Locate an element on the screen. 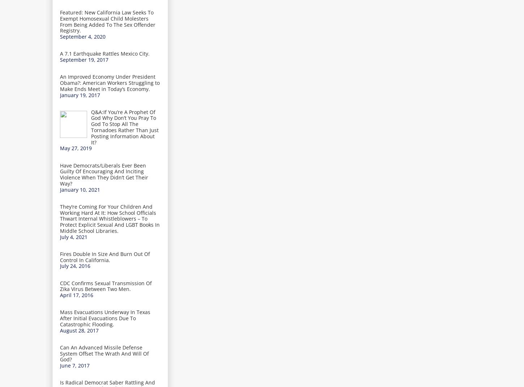  'They’re Coming For Your Children And Working Hard At It: How School Officials Thwart Internal Whistleblowers – To Protect Explicit Sexual And LGBT Books In Middle School Libraries.' is located at coordinates (110, 218).